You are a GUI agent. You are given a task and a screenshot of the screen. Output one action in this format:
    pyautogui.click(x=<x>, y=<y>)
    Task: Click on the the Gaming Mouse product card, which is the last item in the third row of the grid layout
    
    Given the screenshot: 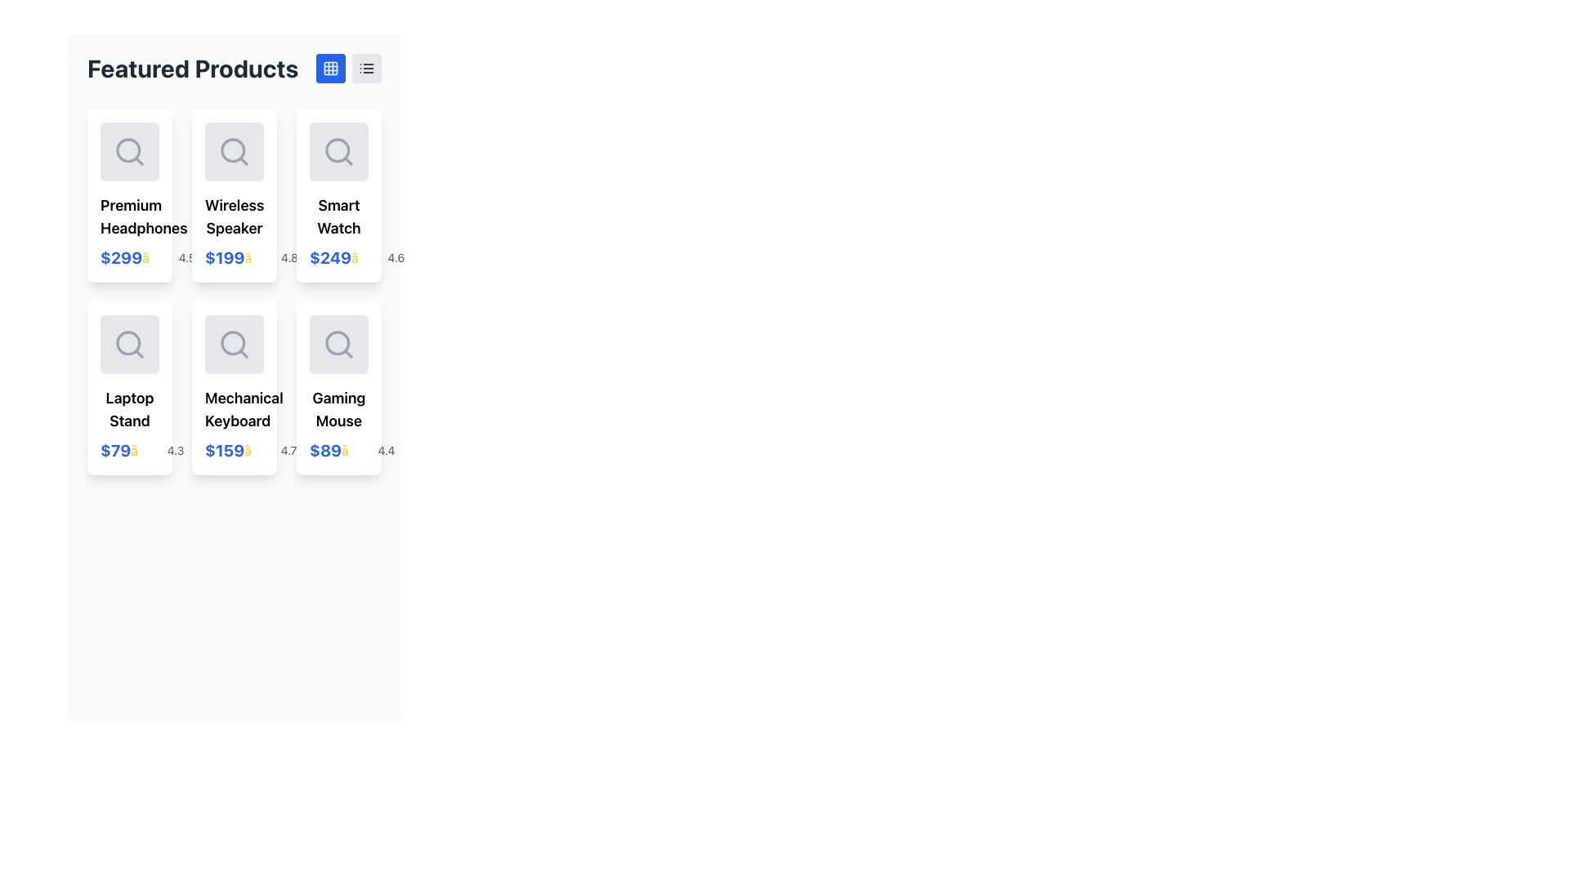 What is the action you would take?
    pyautogui.click(x=337, y=388)
    